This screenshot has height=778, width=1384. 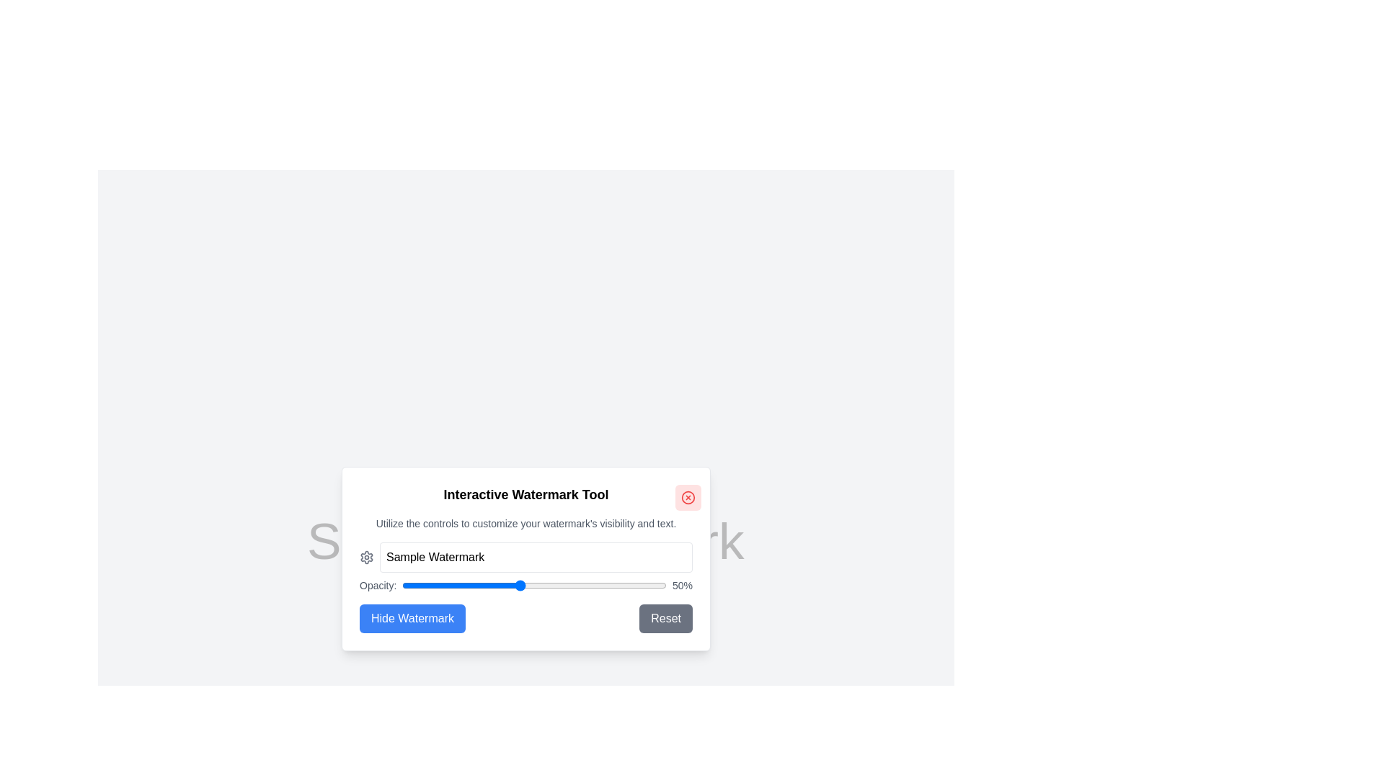 I want to click on the opacity, so click(x=443, y=586).